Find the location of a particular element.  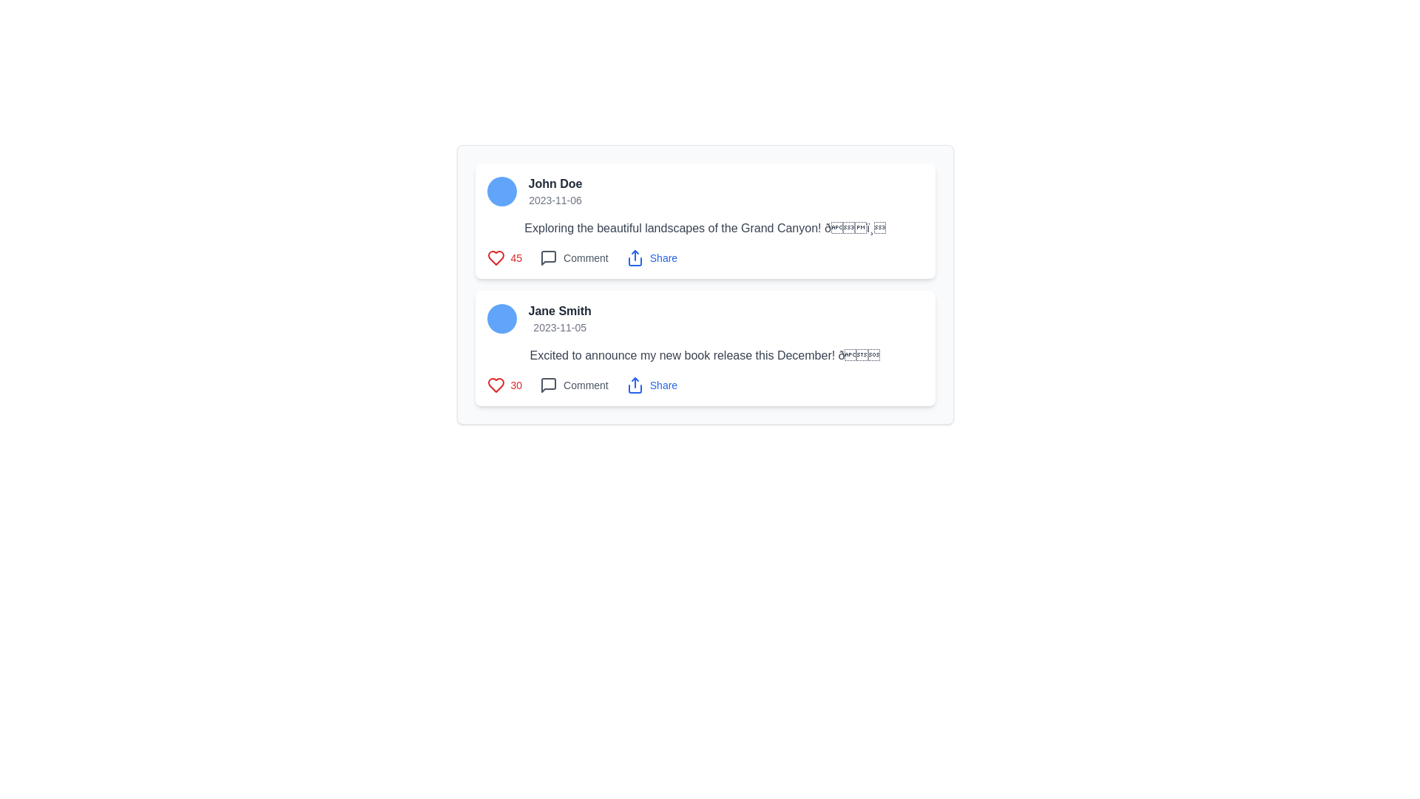

the icon button located in the bottom action bar of the second post by 'Jane Smith' is located at coordinates (548, 384).